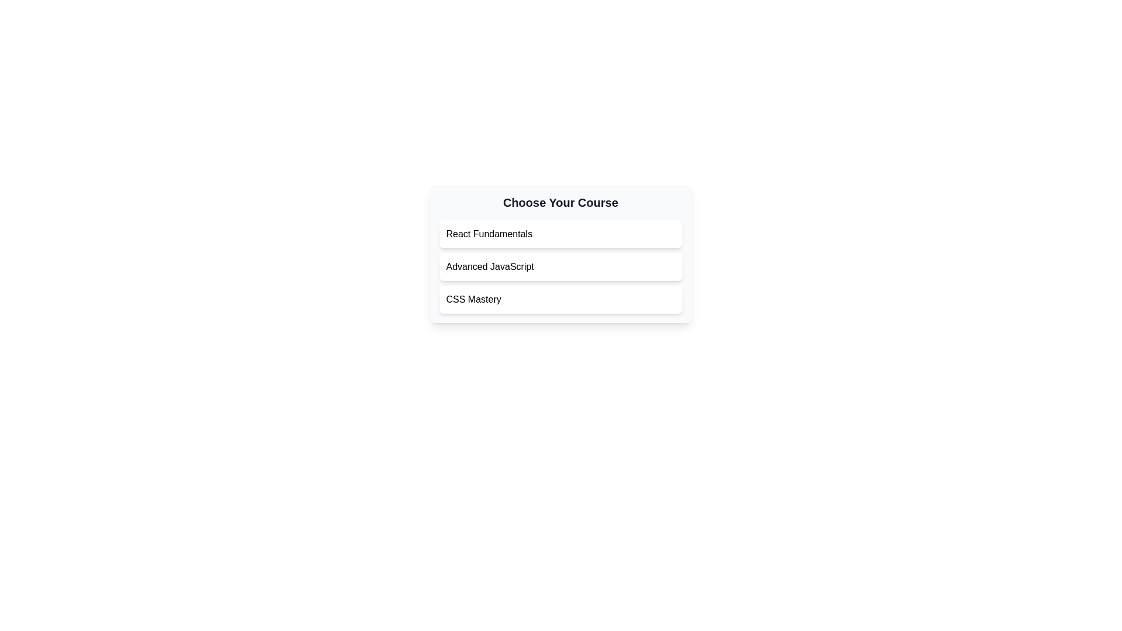 Image resolution: width=1122 pixels, height=631 pixels. I want to click on the 'CSS Mastery' selectable radio option, which is the third option in a vertical list of courses, so click(473, 299).